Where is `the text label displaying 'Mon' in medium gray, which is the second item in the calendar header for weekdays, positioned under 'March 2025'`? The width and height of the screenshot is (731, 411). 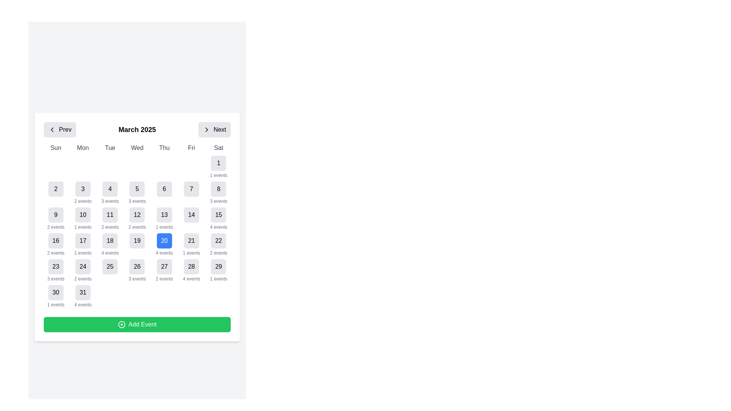
the text label displaying 'Mon' in medium gray, which is the second item in the calendar header for weekdays, positioned under 'March 2025' is located at coordinates (83, 148).